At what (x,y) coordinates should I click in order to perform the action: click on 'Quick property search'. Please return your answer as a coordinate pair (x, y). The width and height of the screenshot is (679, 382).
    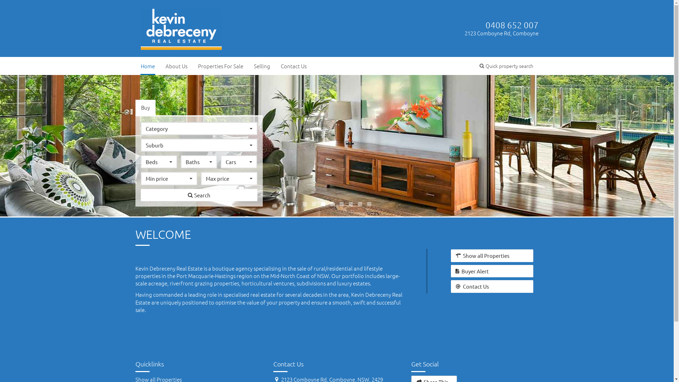
    Looking at the image, I should click on (505, 65).